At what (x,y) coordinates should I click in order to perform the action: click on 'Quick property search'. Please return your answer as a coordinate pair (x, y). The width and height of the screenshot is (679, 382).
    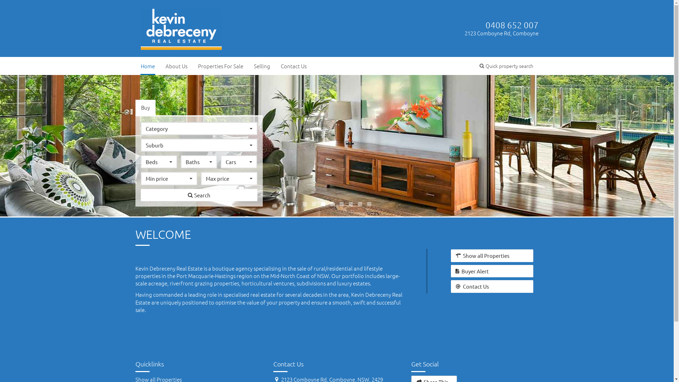
    Looking at the image, I should click on (505, 65).